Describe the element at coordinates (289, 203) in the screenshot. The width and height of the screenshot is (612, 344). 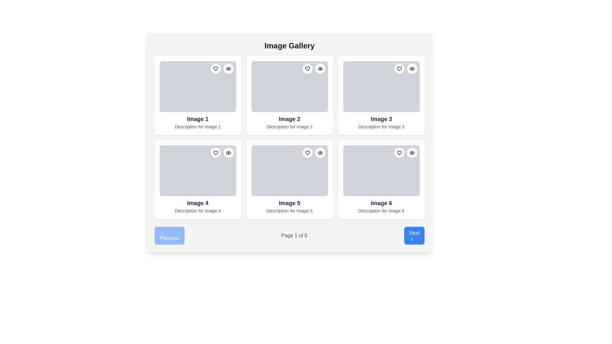
I see `text element labeled 'Image 5' which is styled with bold typography and located in the fifth card of the image gallery grid` at that location.